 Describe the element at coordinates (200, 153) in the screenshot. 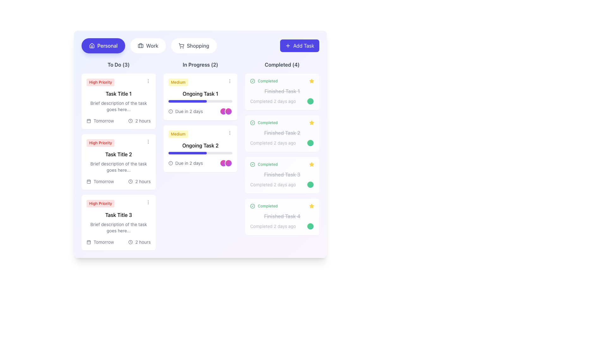

I see `progress bar located within the task card titled 'Ongoing Task 2' in the 'In Progress' column, which visually represents the task's completion status` at that location.